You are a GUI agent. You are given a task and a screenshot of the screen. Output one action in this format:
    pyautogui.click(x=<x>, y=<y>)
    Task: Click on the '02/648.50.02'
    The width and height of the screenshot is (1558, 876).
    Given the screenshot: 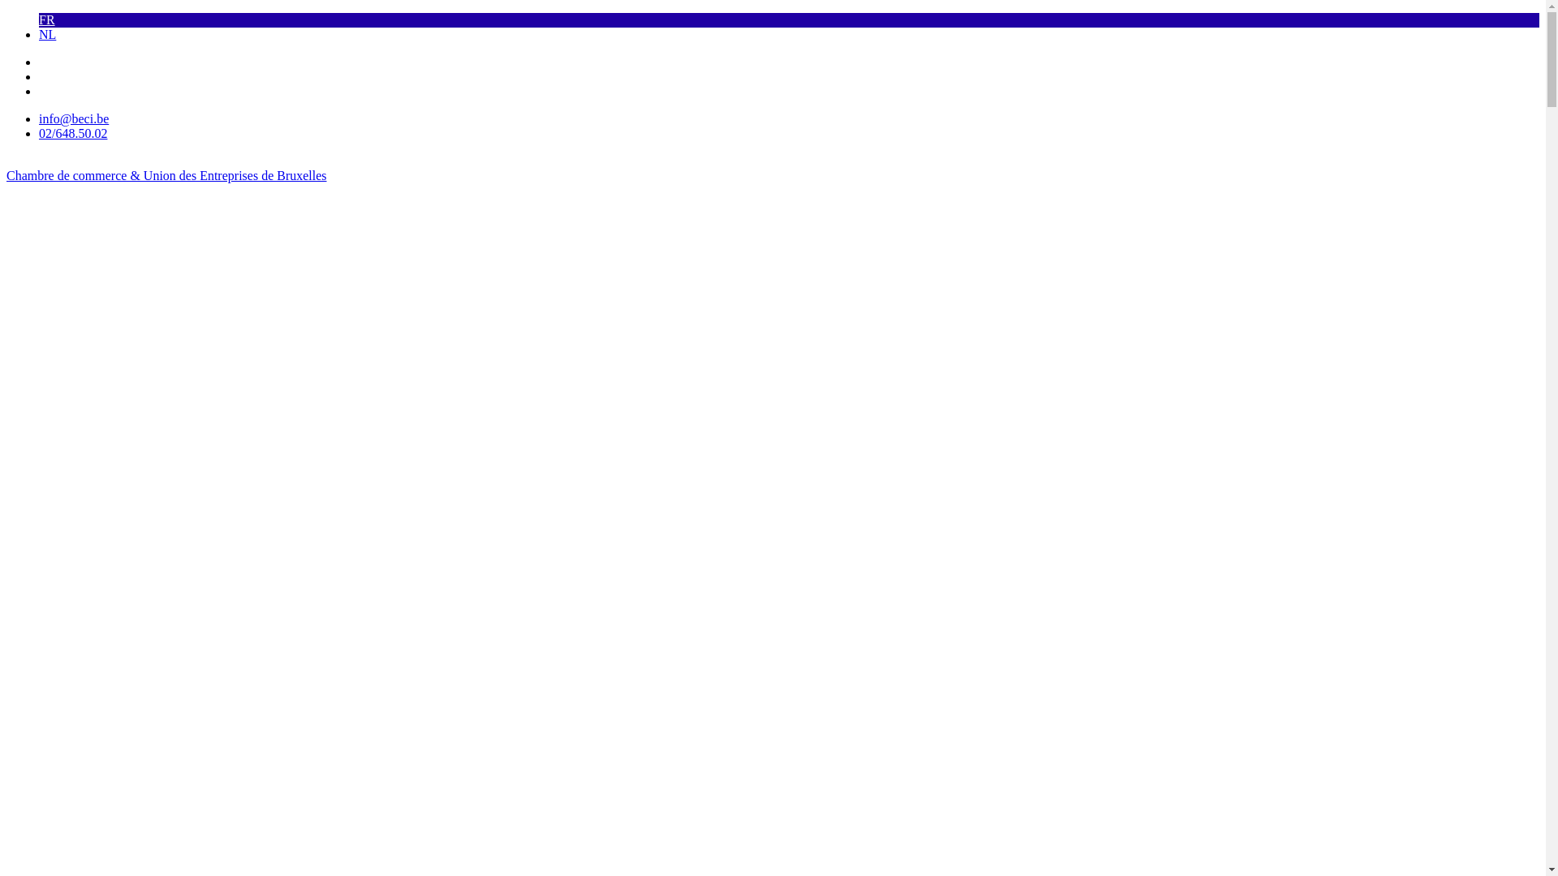 What is the action you would take?
    pyautogui.click(x=72, y=132)
    